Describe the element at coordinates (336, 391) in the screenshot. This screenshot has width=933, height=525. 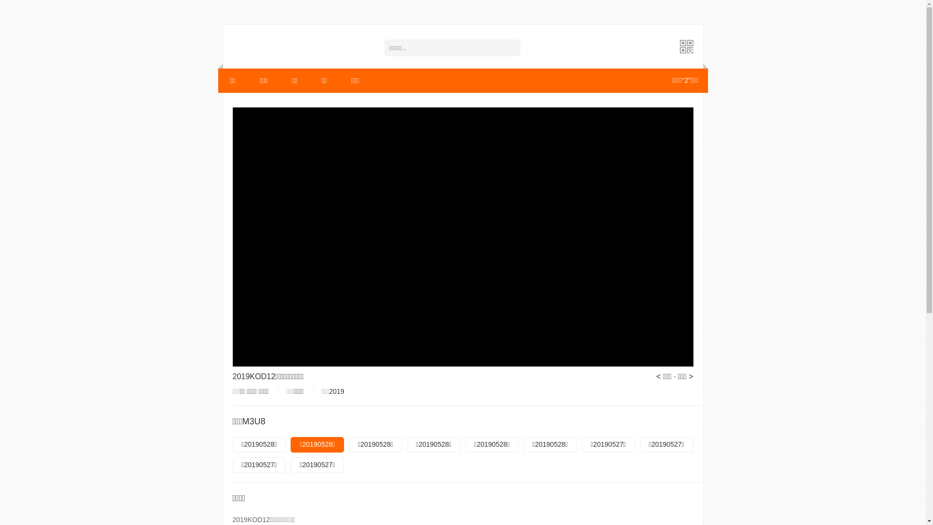
I see `'2019'` at that location.